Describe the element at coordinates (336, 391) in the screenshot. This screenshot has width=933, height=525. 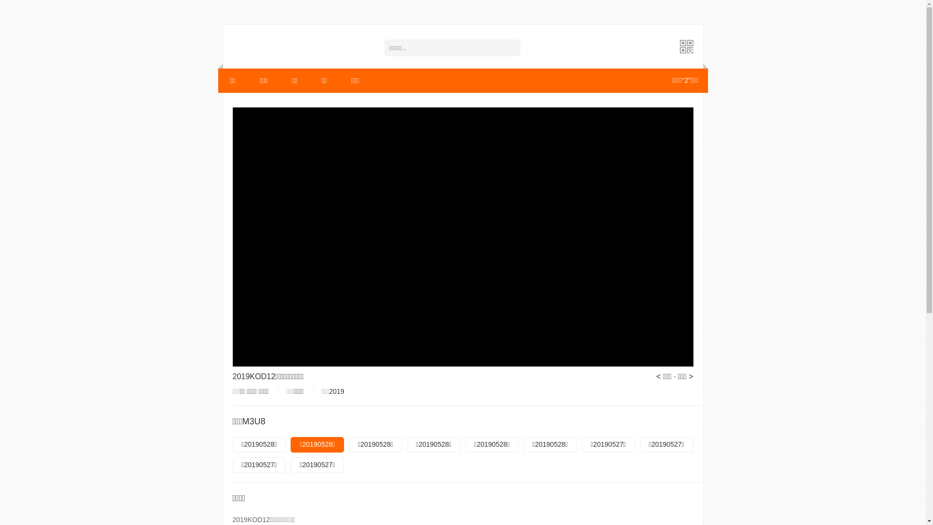
I see `'2019'` at that location.